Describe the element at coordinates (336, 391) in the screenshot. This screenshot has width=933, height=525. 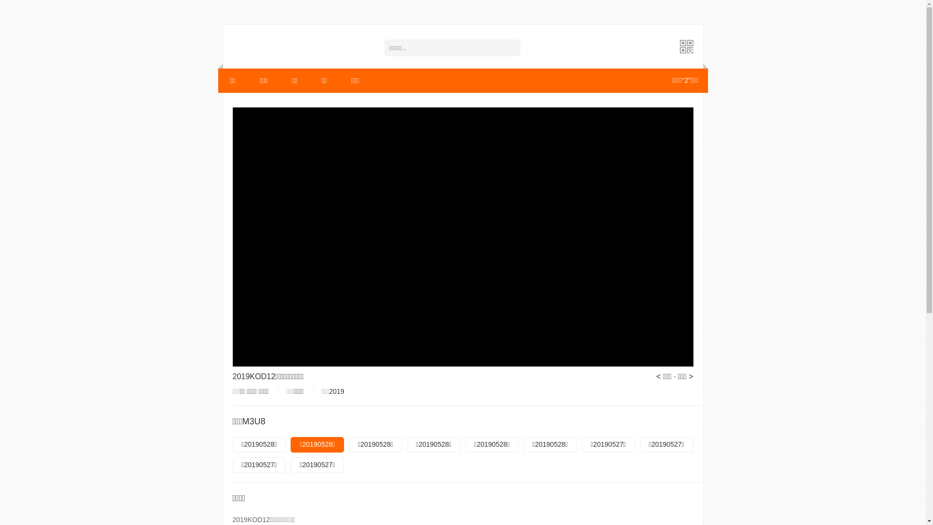
I see `'2019'` at that location.